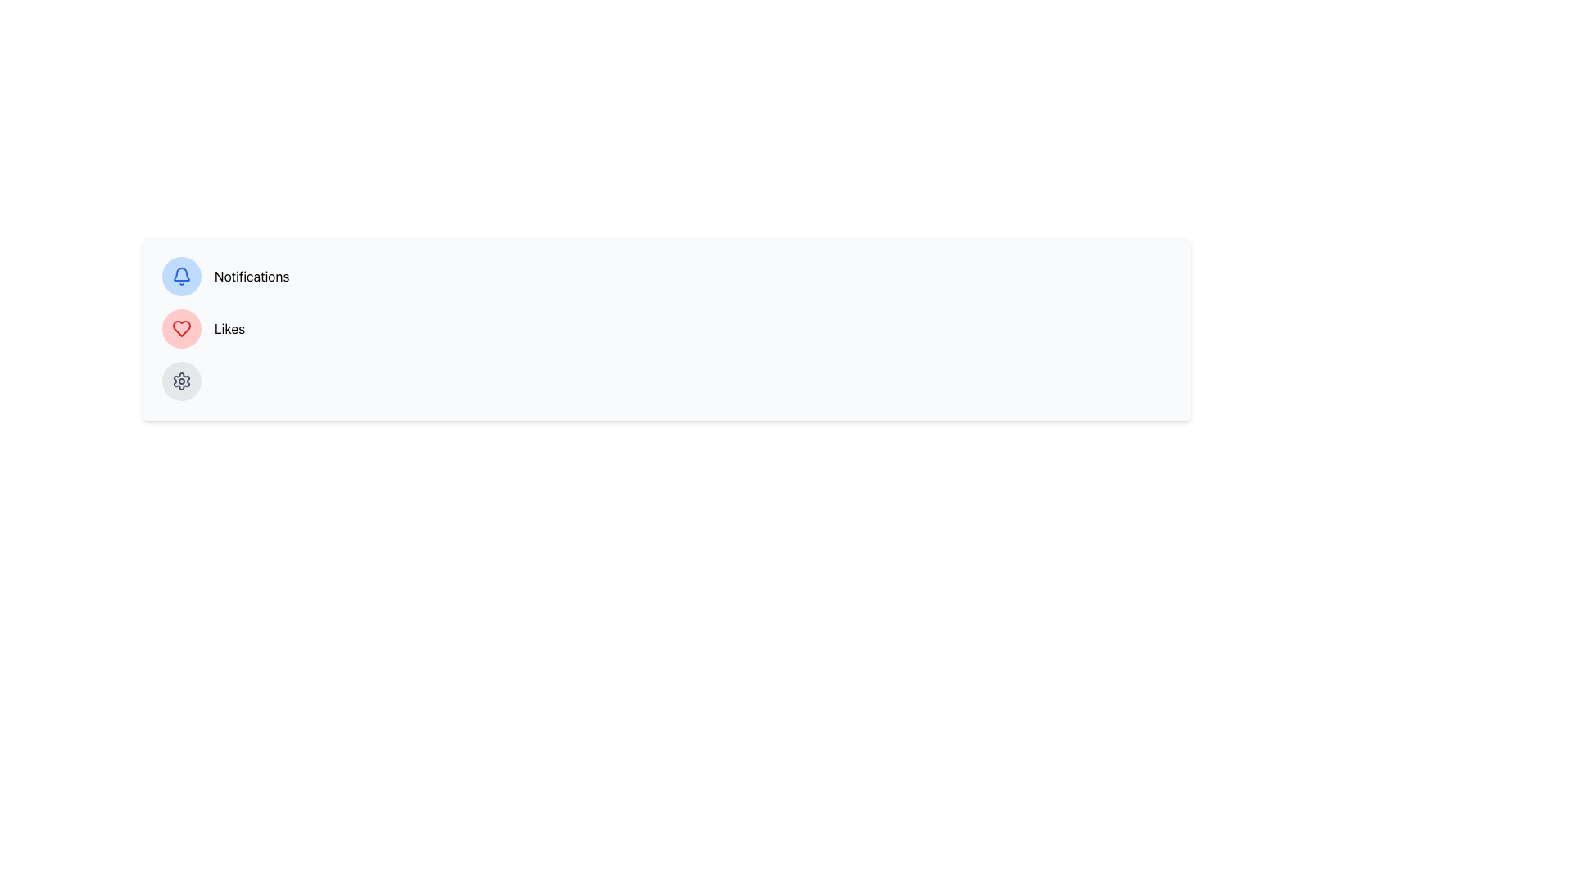 Image resolution: width=1573 pixels, height=884 pixels. What do you see at coordinates (181, 276) in the screenshot?
I see `the button located to the left of the 'Notifications' label` at bounding box center [181, 276].